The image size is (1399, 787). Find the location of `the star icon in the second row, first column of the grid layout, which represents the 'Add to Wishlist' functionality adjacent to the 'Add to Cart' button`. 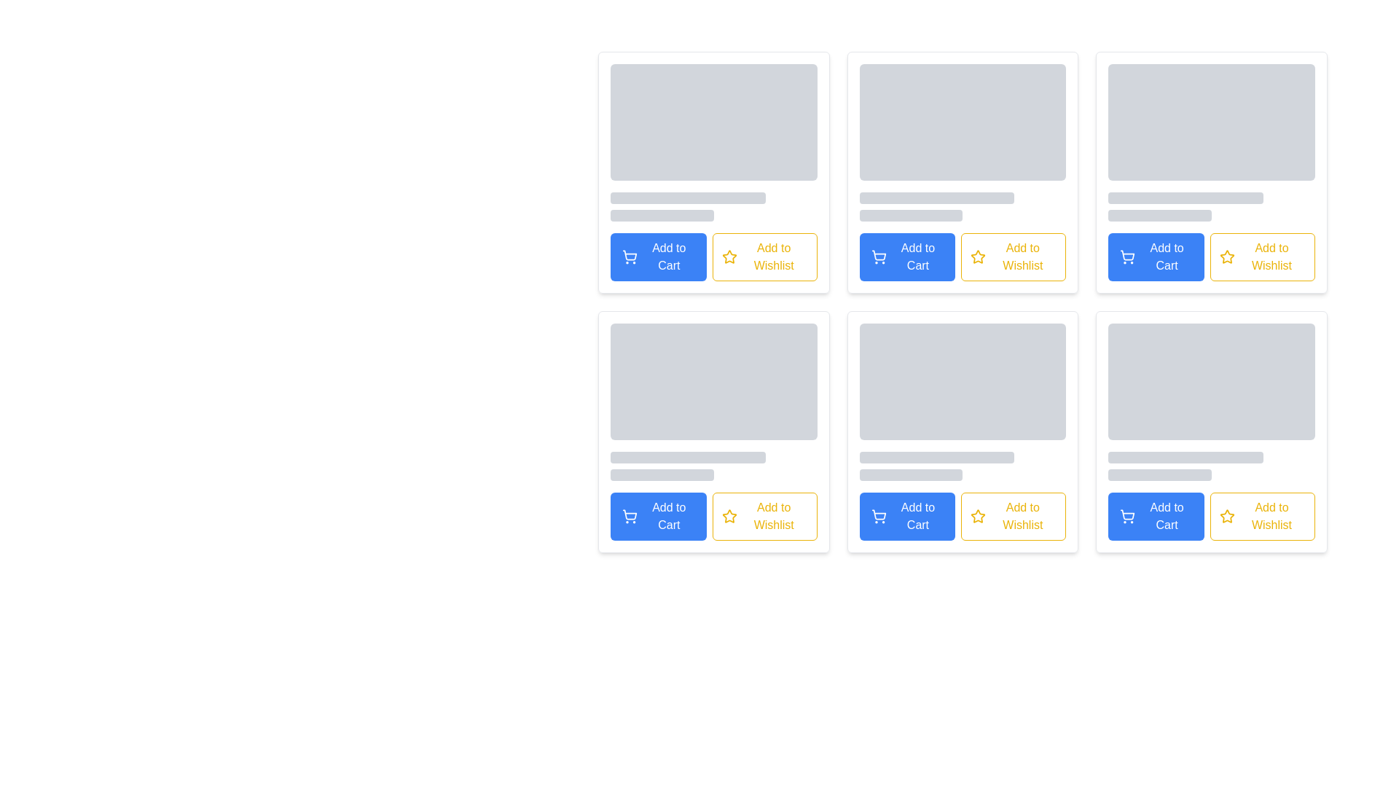

the star icon in the second row, first column of the grid layout, which represents the 'Add to Wishlist' functionality adjacent to the 'Add to Cart' button is located at coordinates (729, 515).